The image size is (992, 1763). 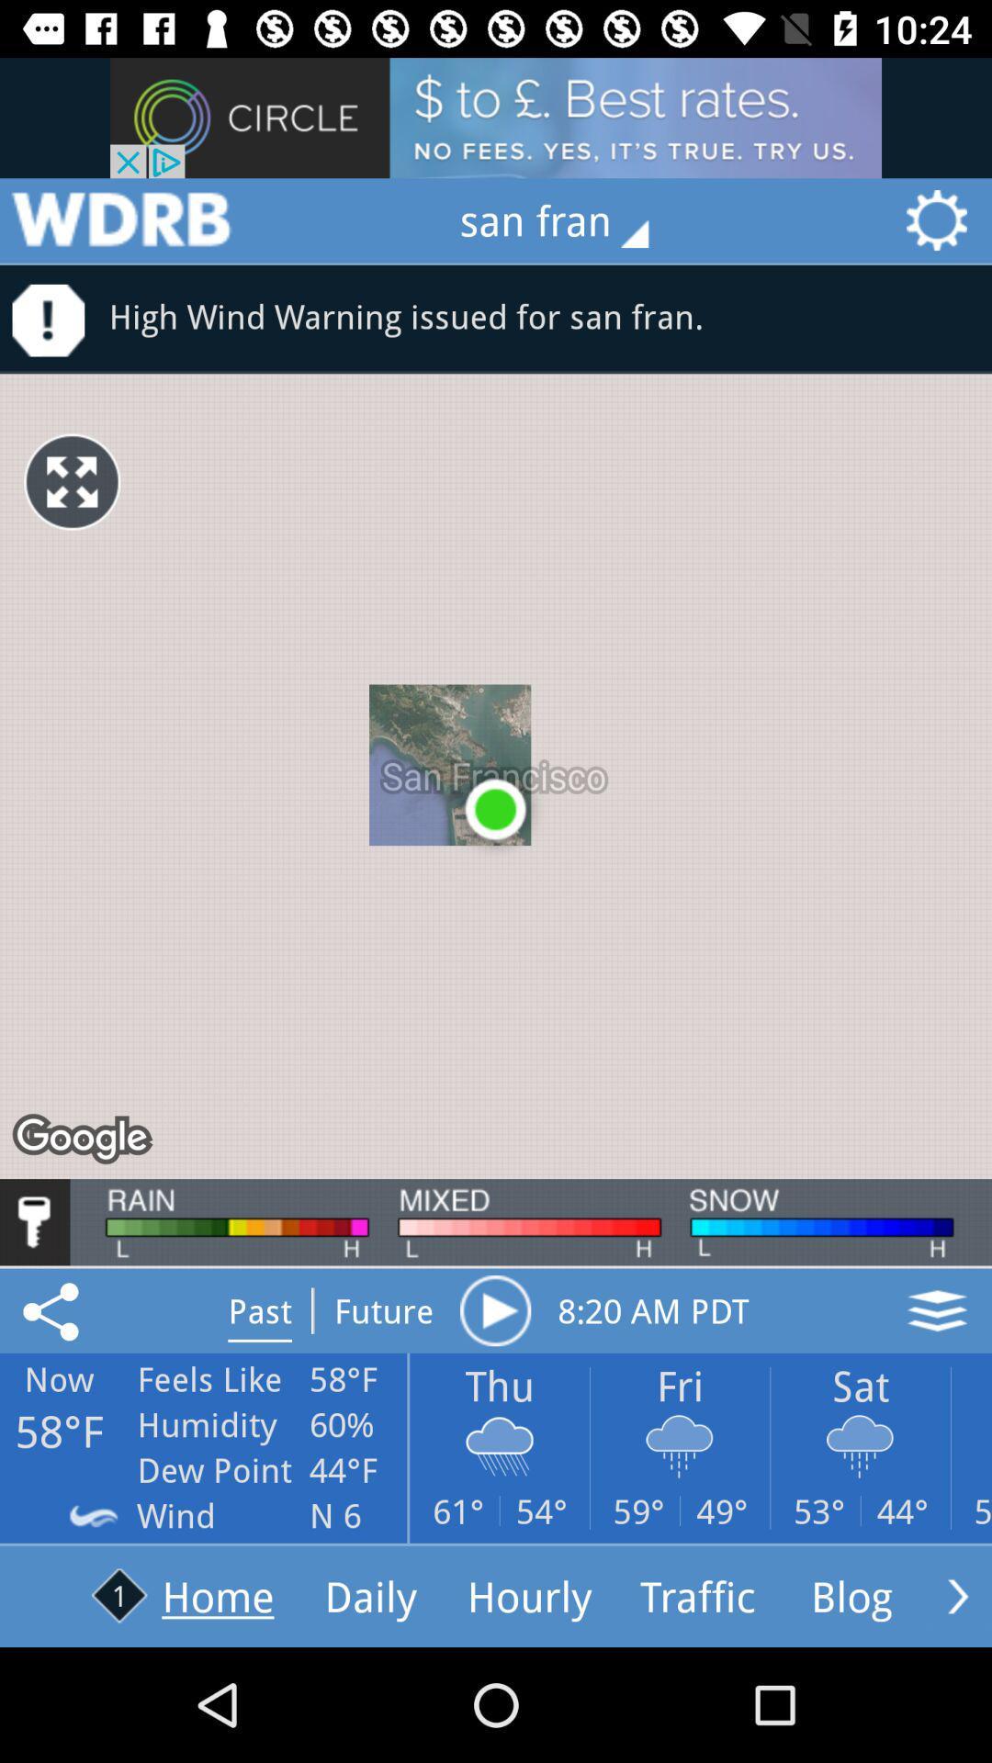 I want to click on save, so click(x=53, y=1309).